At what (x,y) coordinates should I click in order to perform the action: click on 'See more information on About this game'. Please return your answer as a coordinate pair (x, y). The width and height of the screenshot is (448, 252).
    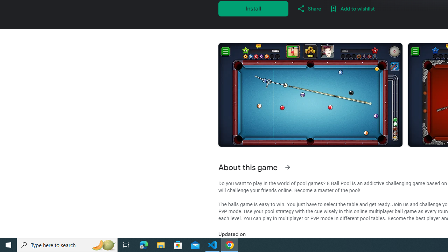
    Looking at the image, I should click on (287, 167).